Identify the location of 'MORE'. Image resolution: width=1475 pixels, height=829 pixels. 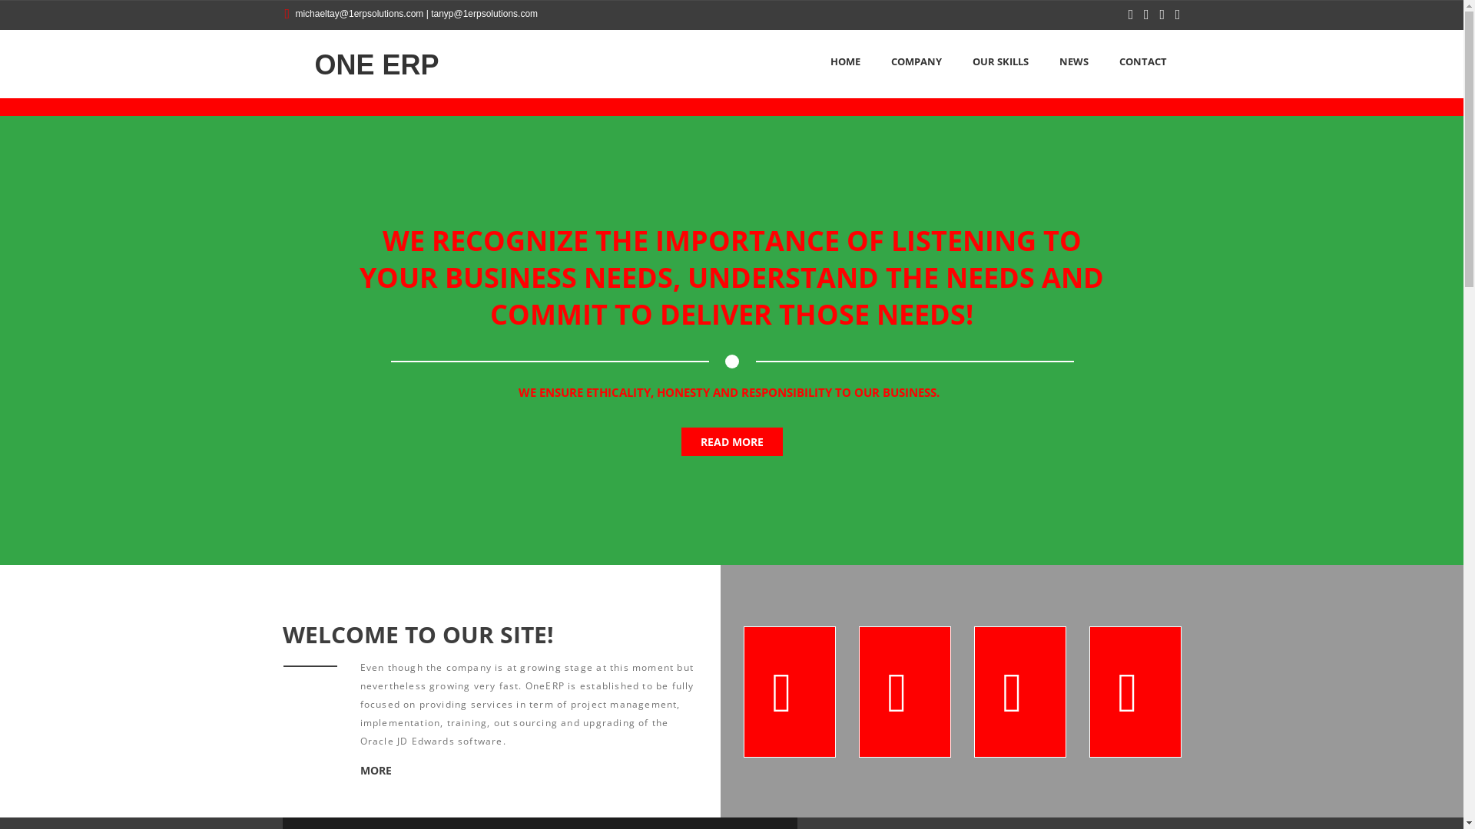
(375, 770).